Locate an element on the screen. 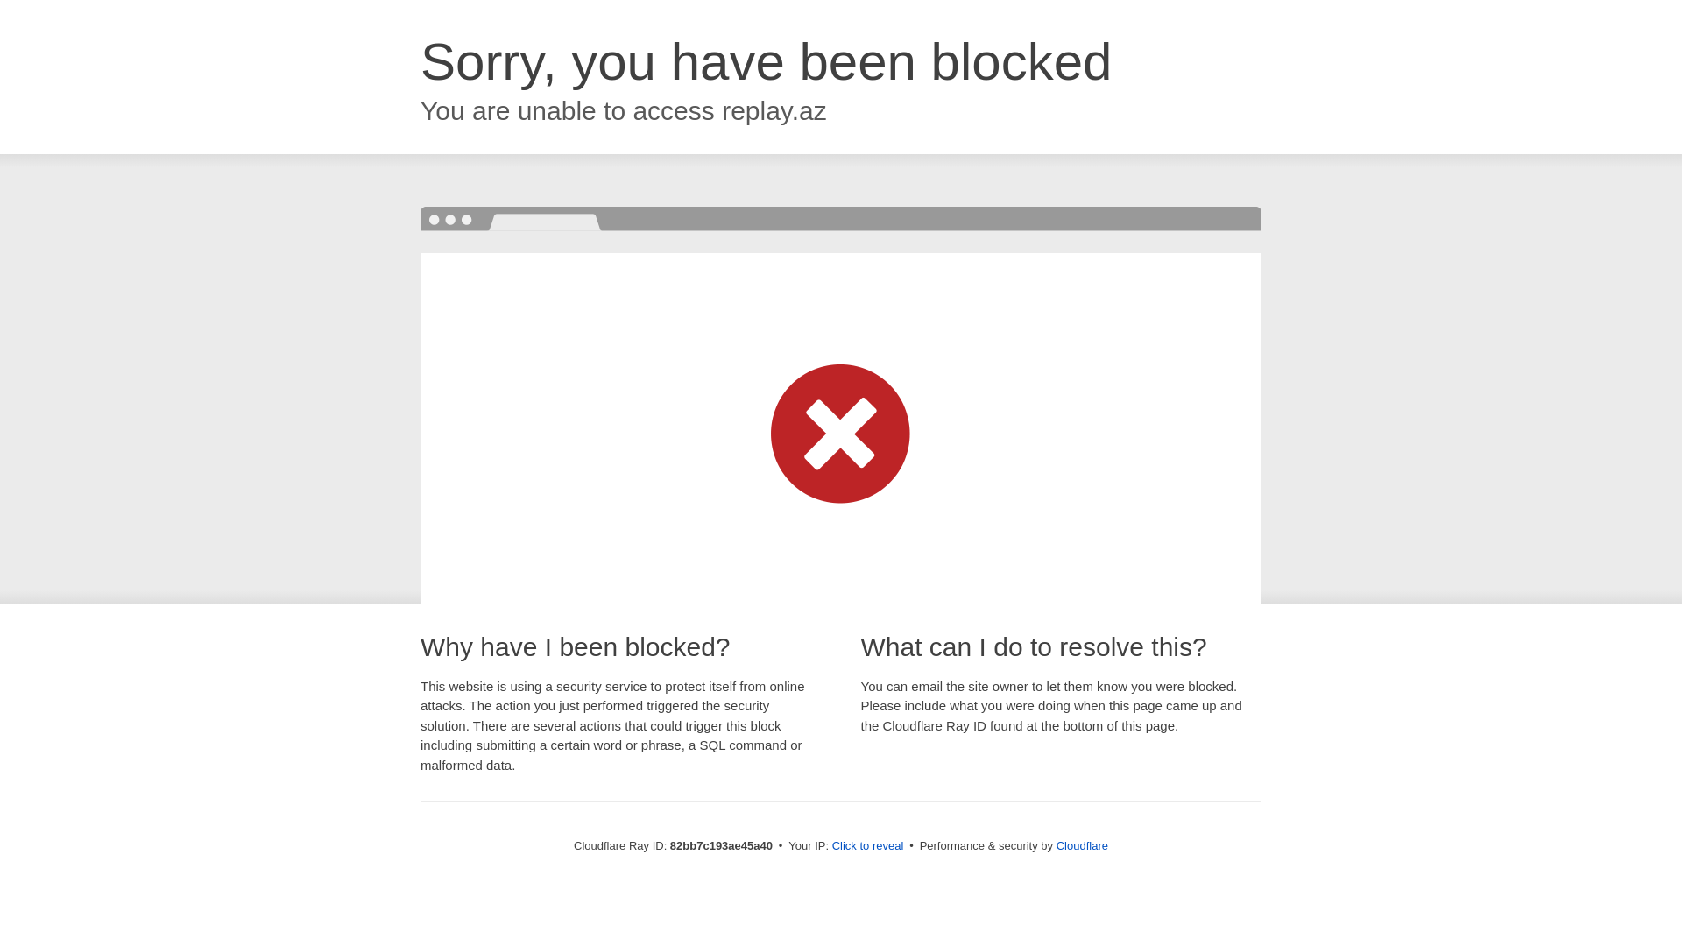 Image resolution: width=1682 pixels, height=946 pixels. 'Click to reveal' is located at coordinates (867, 844).